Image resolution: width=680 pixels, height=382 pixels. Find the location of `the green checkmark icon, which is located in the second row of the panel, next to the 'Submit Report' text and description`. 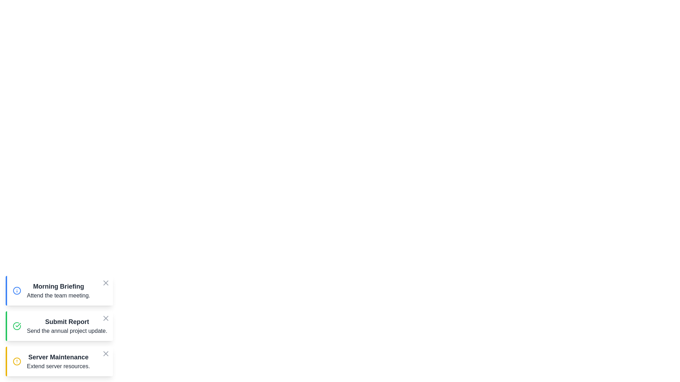

the green checkmark icon, which is located in the second row of the panel, next to the 'Submit Report' text and description is located at coordinates (18, 325).